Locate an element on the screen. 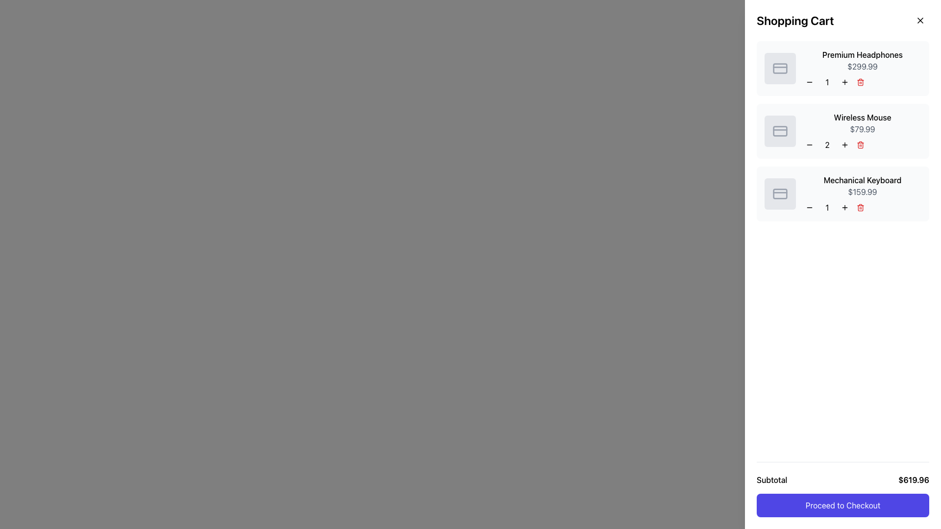 Image resolution: width=941 pixels, height=529 pixels. the button that increases the quantity of the 'Mechanical Keyboard' item in the shopping cart is located at coordinates (844, 207).